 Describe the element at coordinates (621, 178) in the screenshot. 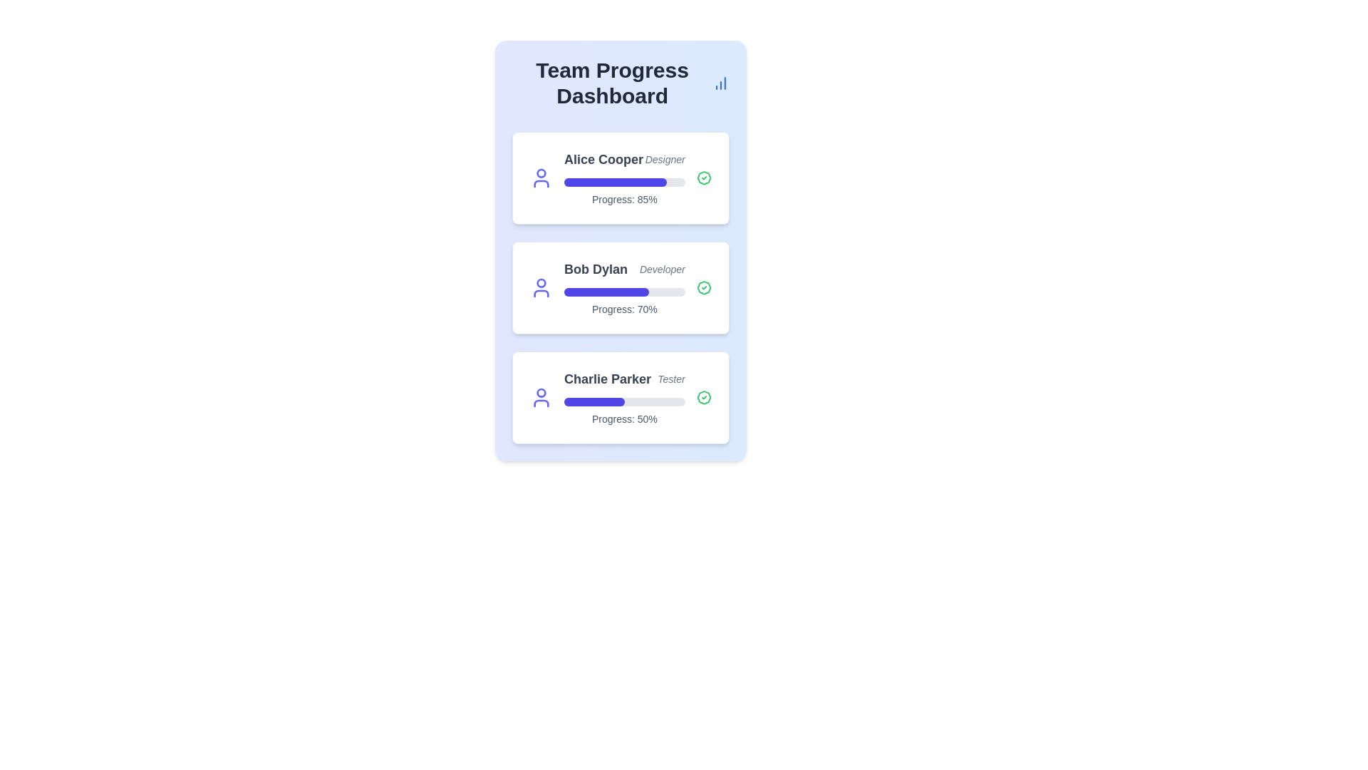

I see `the Data Card displaying information about 'Alice Cooper', which includes the name in bold, the role in italic, a progress bar filled to 85%, and a green checkmark icon on the right` at that location.